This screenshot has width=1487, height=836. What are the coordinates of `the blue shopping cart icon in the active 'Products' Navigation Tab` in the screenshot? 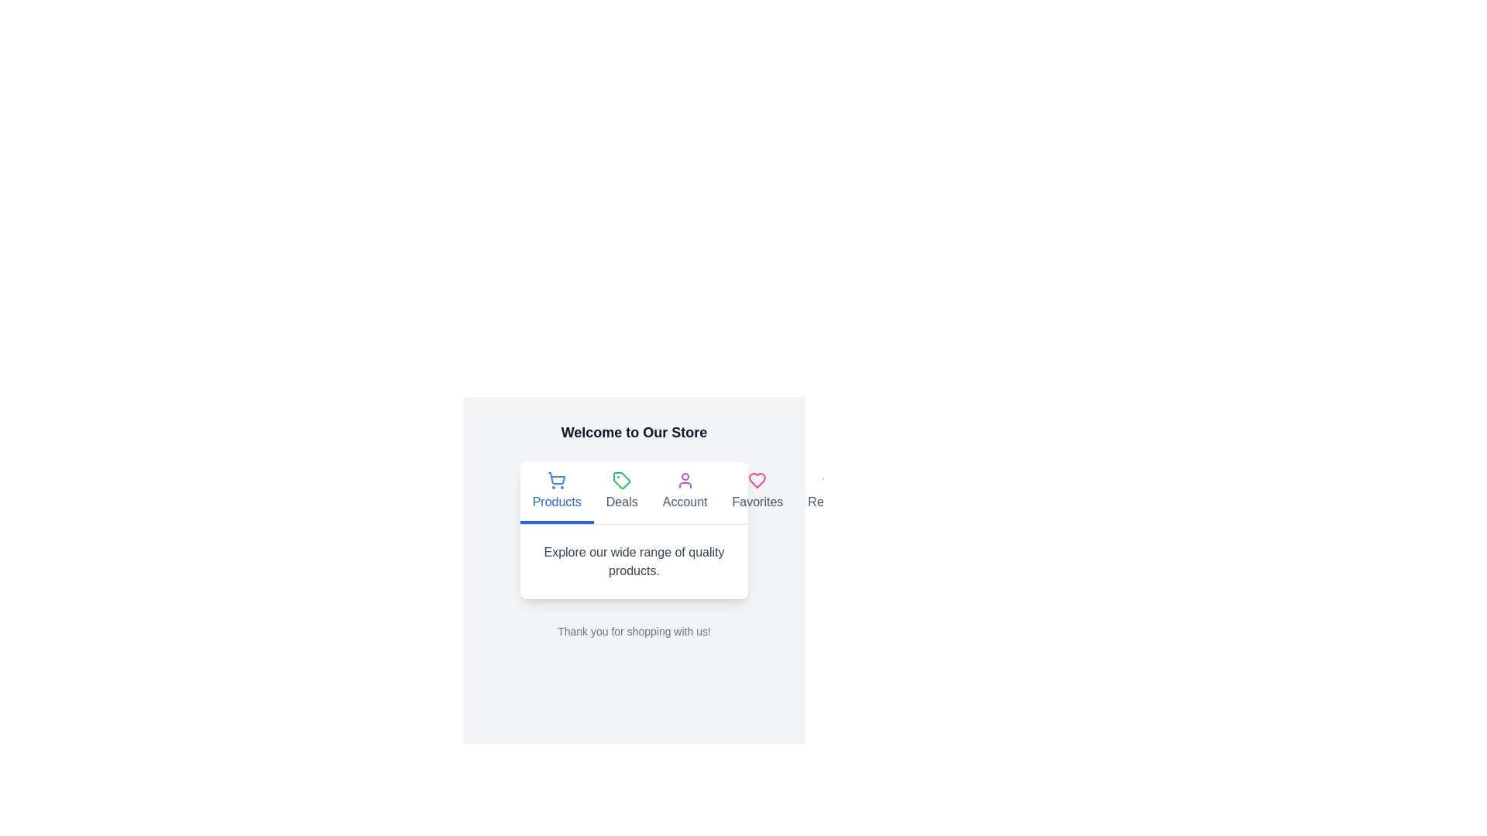 It's located at (557, 492).